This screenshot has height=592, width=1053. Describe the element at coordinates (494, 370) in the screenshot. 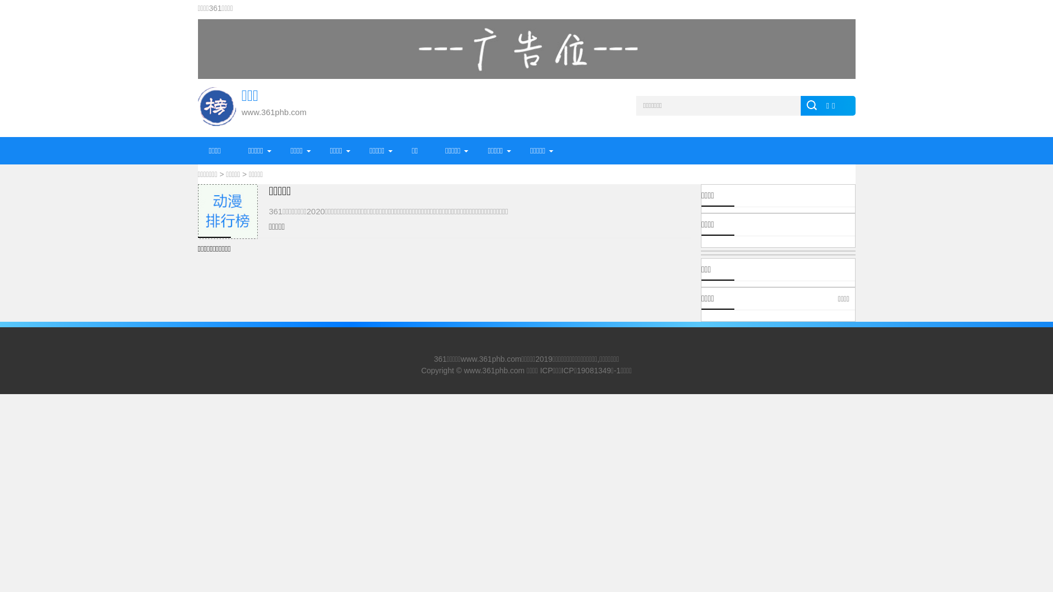

I see `'www.361phb.com'` at that location.